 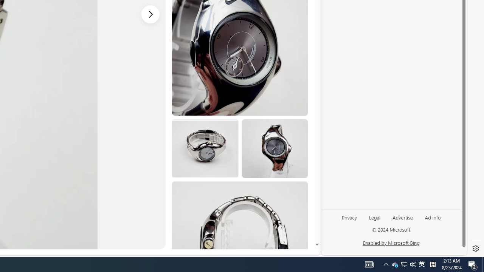 I want to click on 'Legal', so click(x=375, y=217).